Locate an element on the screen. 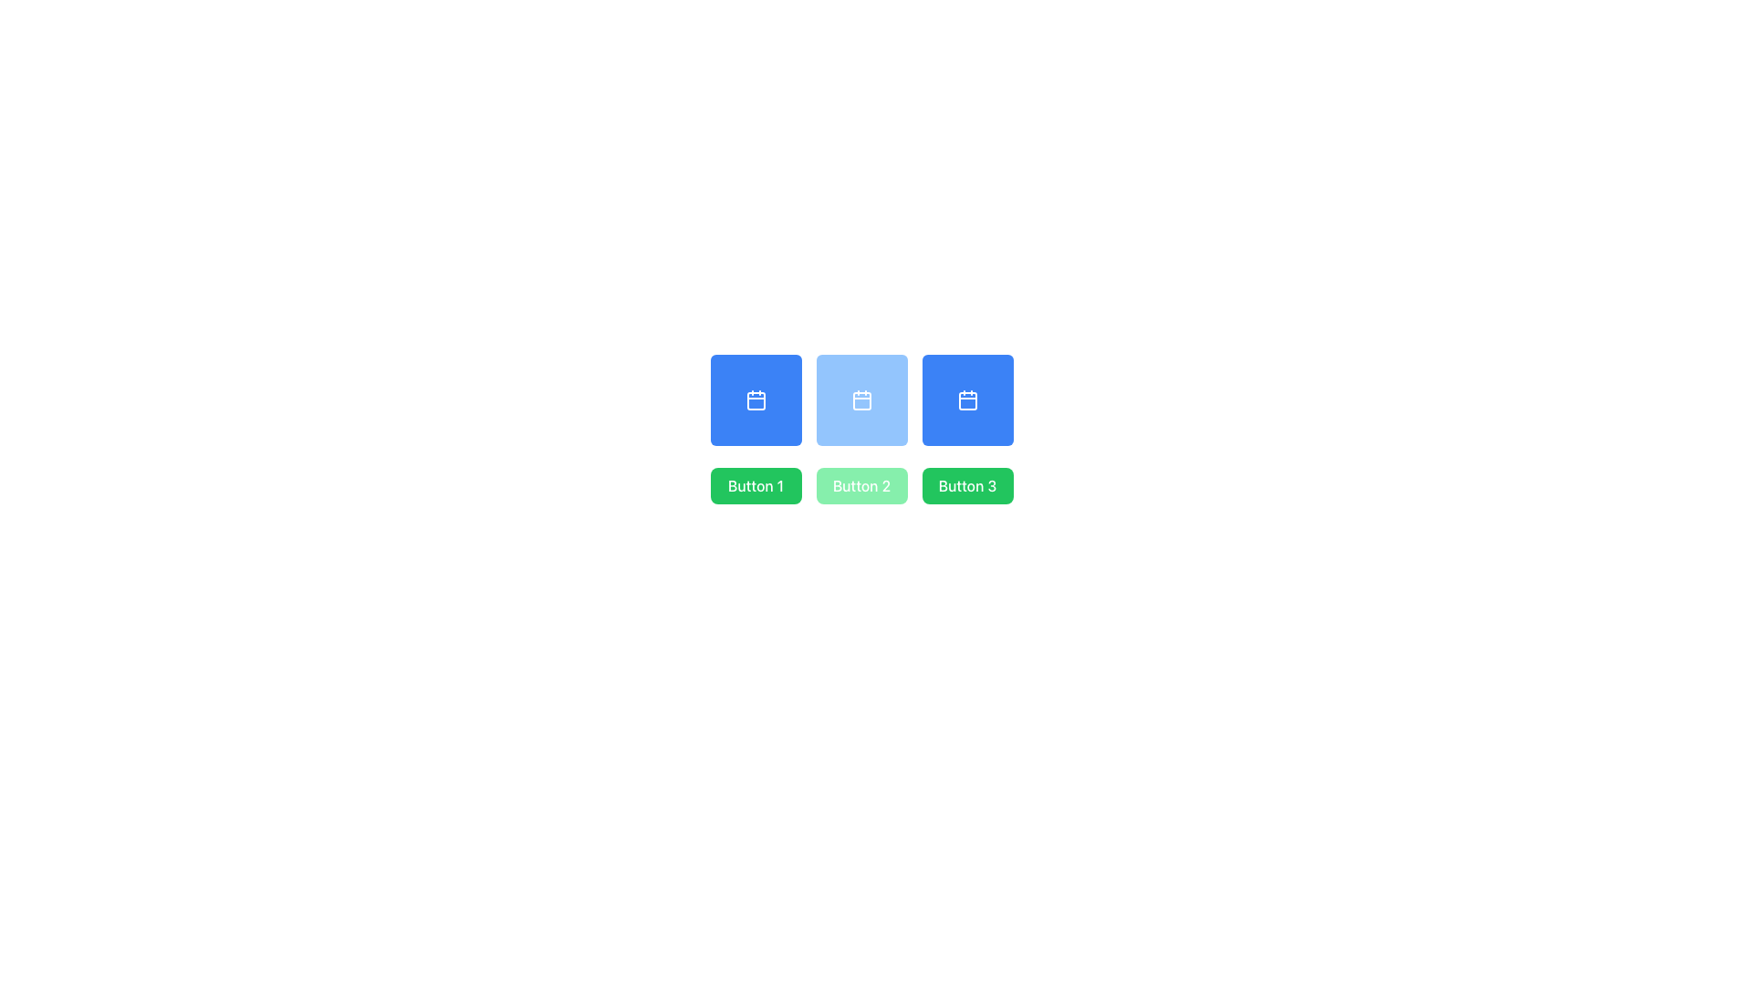 The height and width of the screenshot is (985, 1752). the rectangular region of the blue calendar icon, which is centrally located within the icon, positioned third from the left in a row of similar icons above their respective buttons is located at coordinates (966, 399).